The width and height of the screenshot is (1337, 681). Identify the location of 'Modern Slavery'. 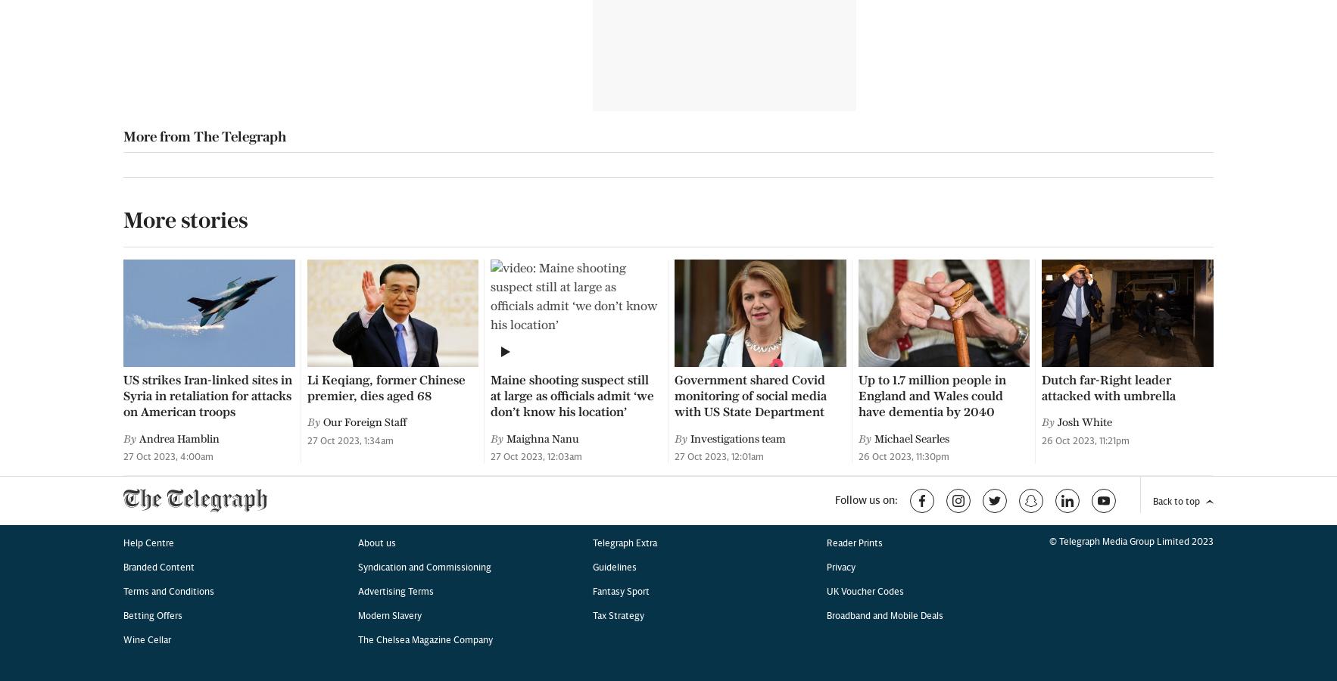
(389, 123).